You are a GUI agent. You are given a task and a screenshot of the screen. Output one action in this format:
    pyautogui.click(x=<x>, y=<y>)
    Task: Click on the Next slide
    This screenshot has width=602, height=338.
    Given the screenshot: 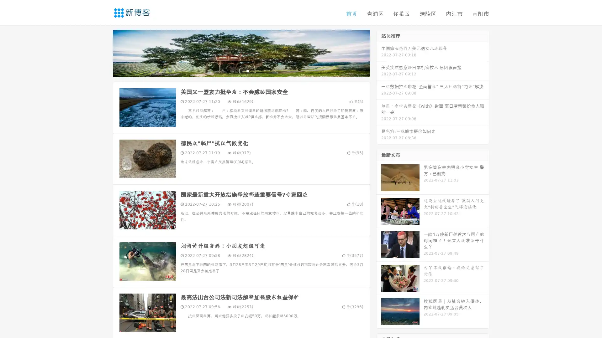 What is the action you would take?
    pyautogui.click(x=379, y=53)
    